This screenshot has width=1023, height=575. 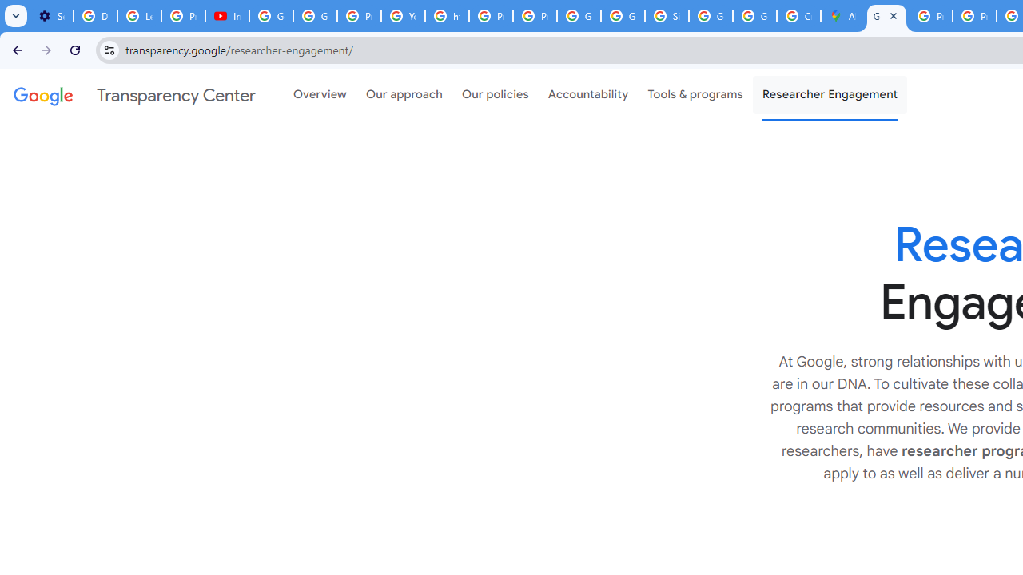 I want to click on 'Accountability', so click(x=587, y=95).